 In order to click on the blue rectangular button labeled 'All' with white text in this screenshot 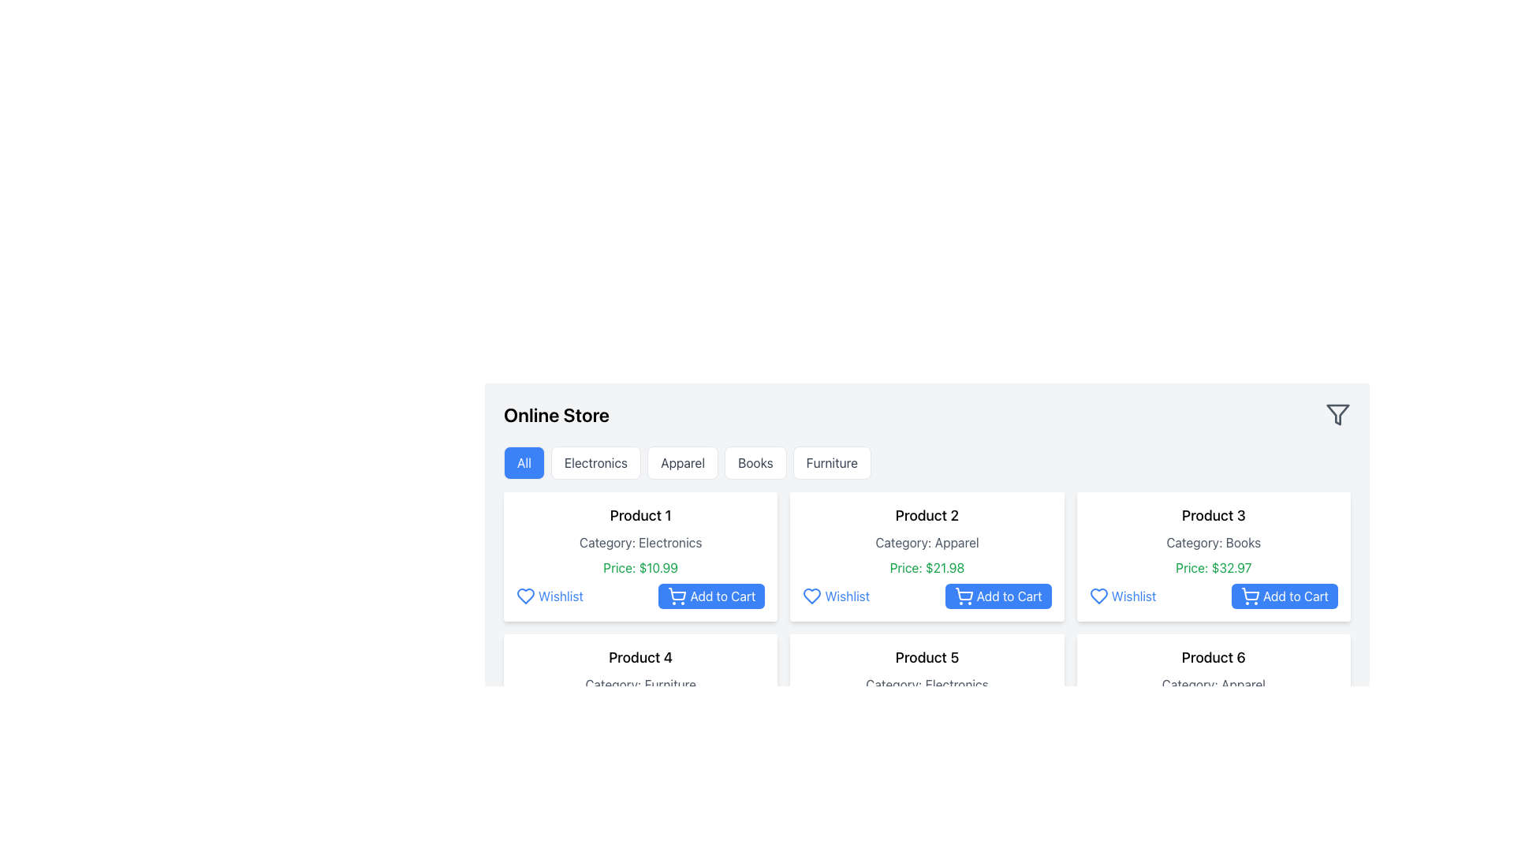, I will do `click(524, 461)`.